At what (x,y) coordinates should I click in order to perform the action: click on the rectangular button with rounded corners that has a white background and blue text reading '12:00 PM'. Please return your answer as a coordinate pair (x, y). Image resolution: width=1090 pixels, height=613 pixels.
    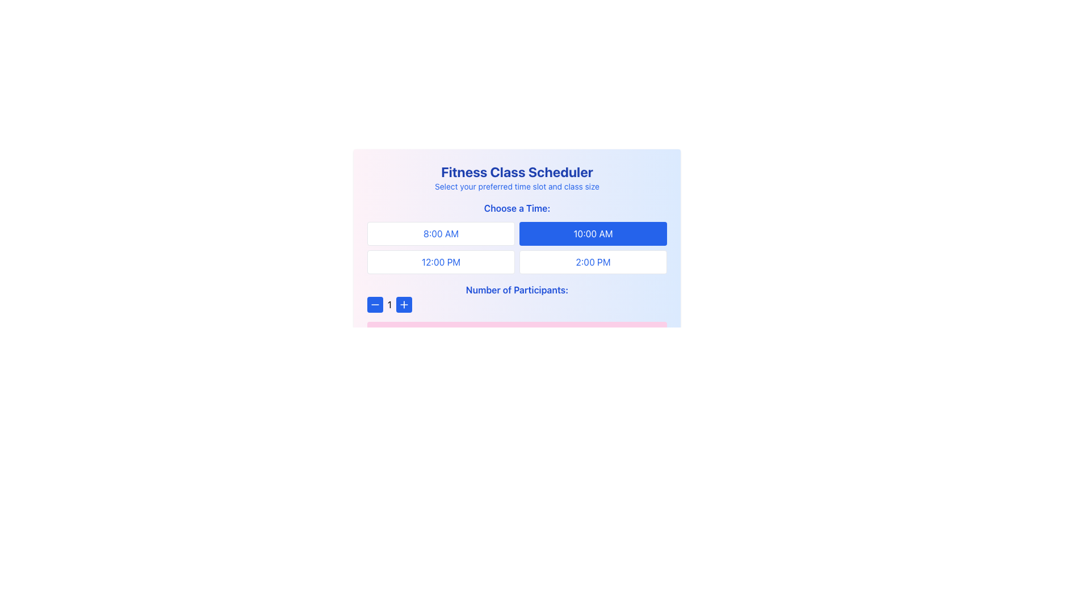
    Looking at the image, I should click on (441, 262).